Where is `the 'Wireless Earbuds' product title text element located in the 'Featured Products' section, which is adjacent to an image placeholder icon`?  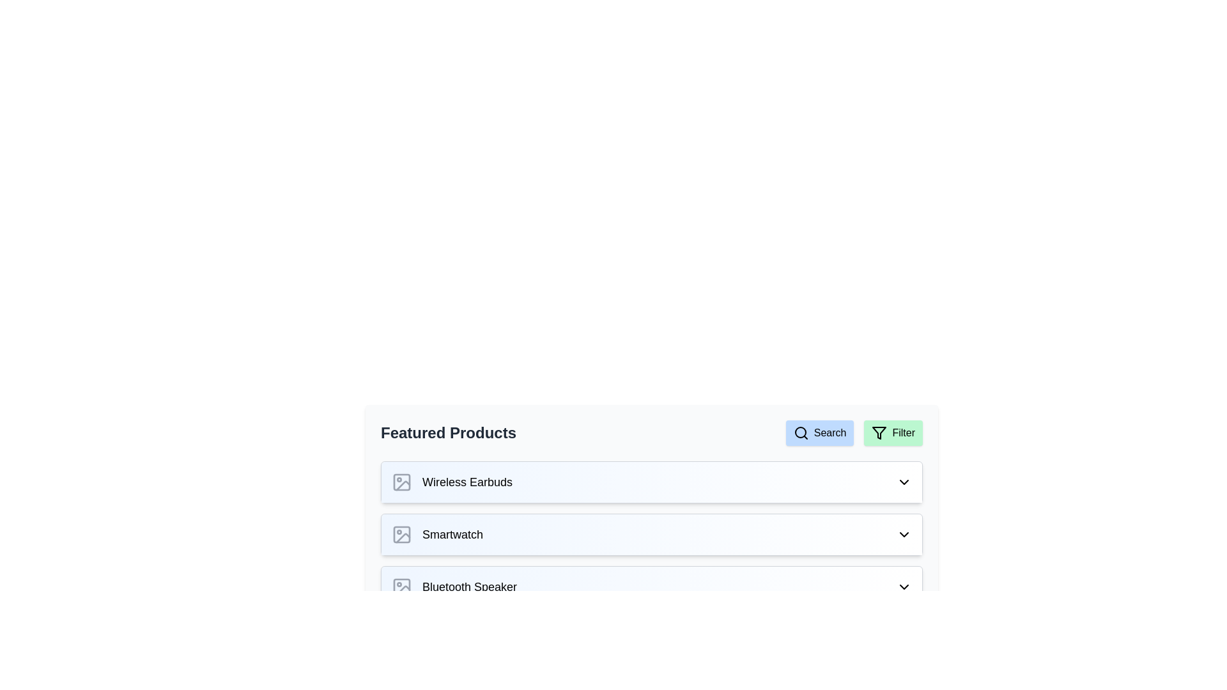 the 'Wireless Earbuds' product title text element located in the 'Featured Products' section, which is adjacent to an image placeholder icon is located at coordinates (467, 482).